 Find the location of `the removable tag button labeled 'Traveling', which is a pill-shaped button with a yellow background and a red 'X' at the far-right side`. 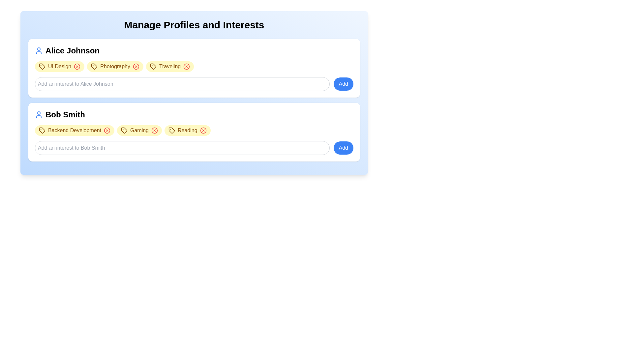

the removable tag button labeled 'Traveling', which is a pill-shaped button with a yellow background and a red 'X' at the far-right side is located at coordinates (170, 66).